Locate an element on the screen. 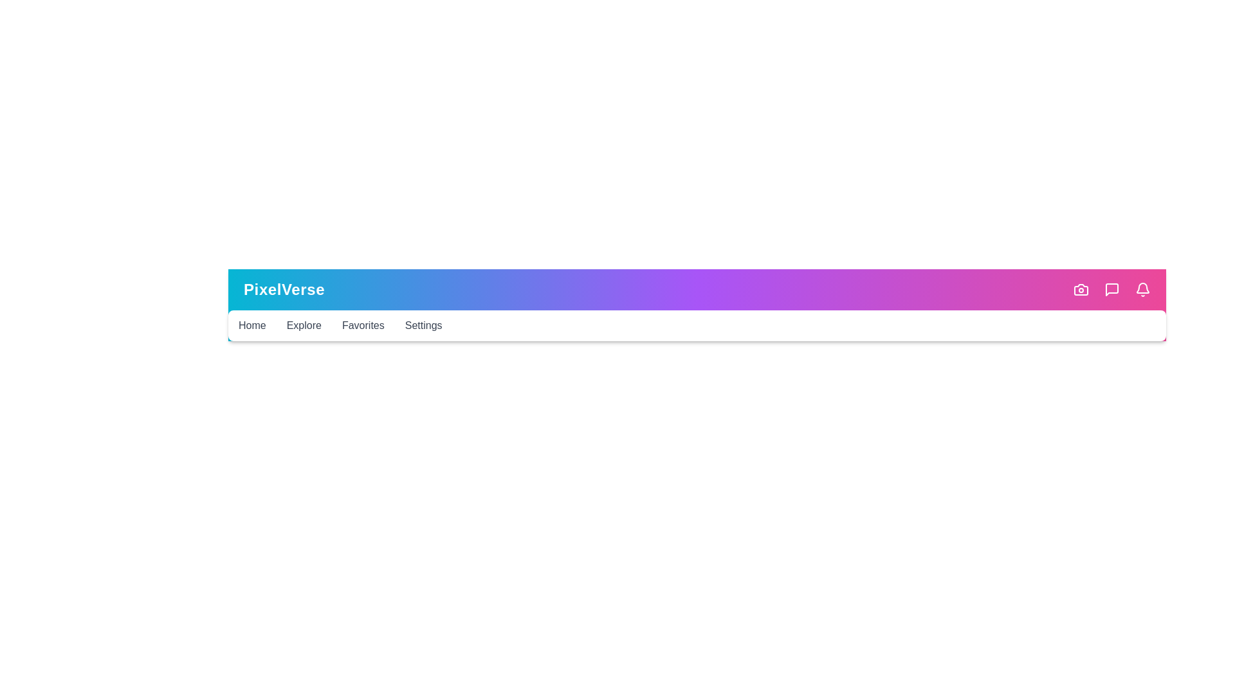  the Messages icon to perform the corresponding quick action is located at coordinates (1111, 290).